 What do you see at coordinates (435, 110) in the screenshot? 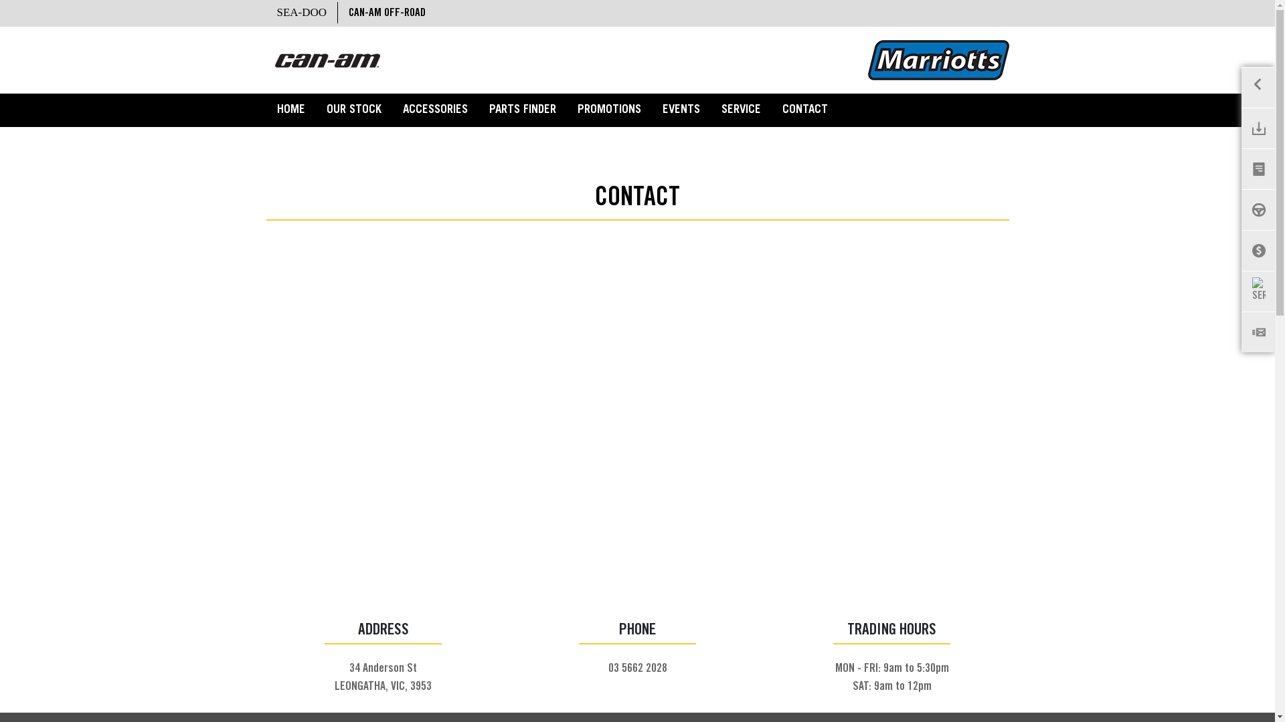
I see `'ACCESSORIES'` at bounding box center [435, 110].